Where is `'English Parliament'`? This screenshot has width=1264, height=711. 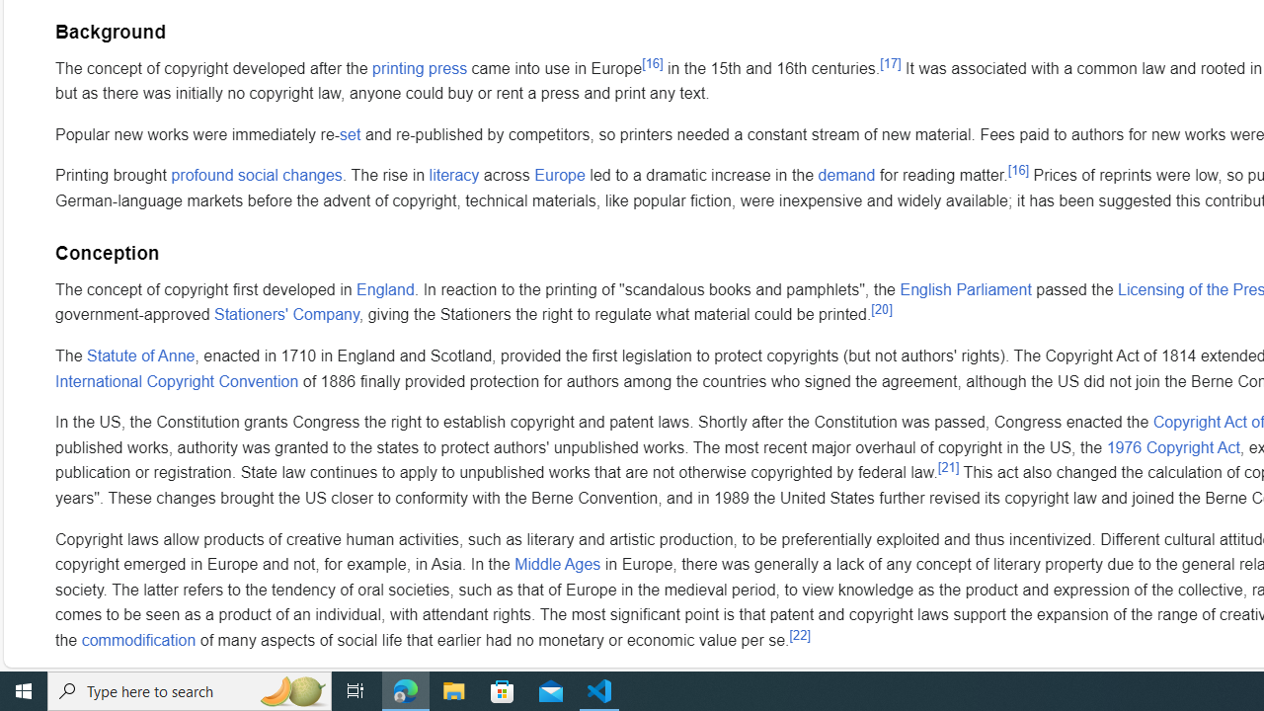 'English Parliament' is located at coordinates (965, 288).